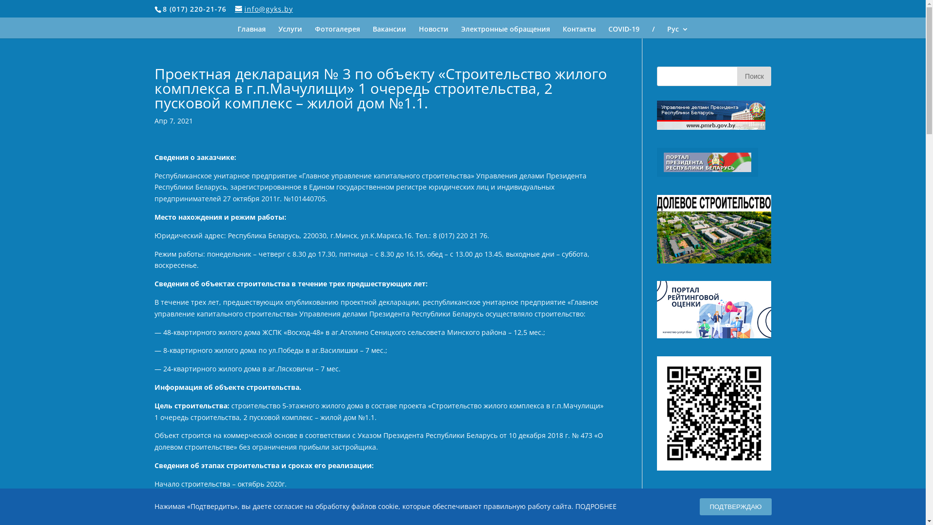 Image resolution: width=933 pixels, height=525 pixels. Describe the element at coordinates (623, 31) in the screenshot. I see `'COVID-19'` at that location.